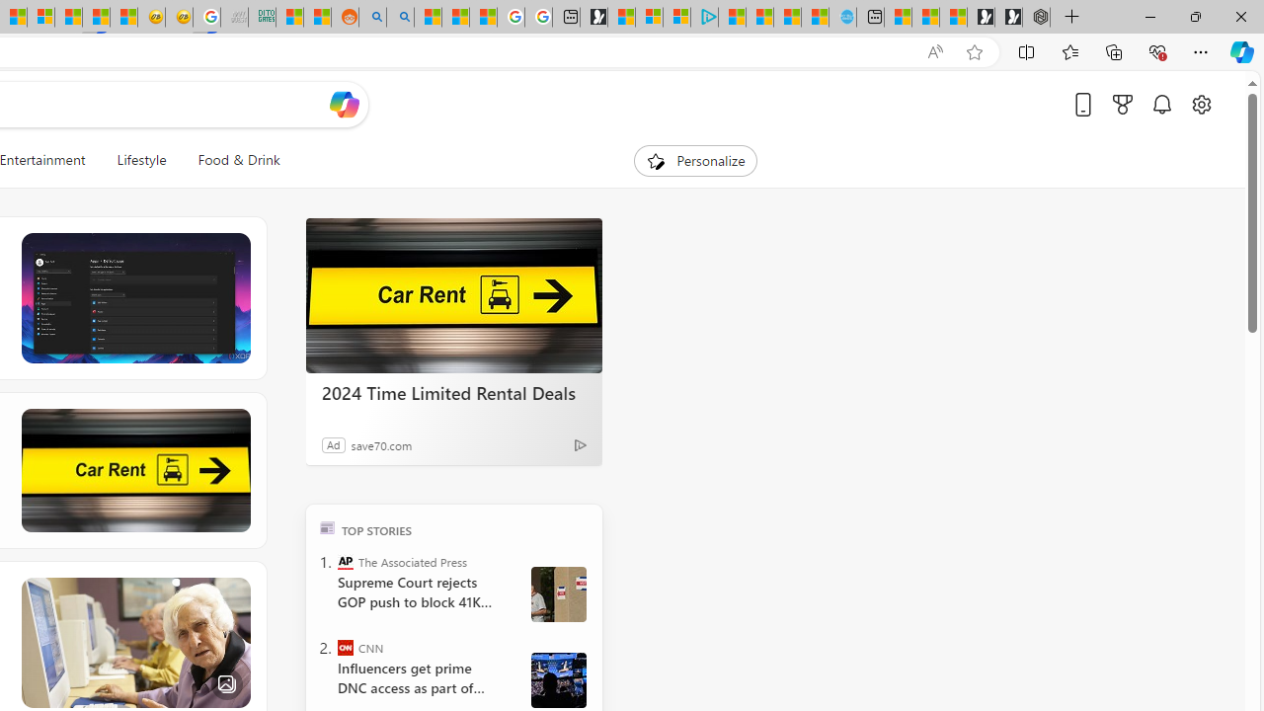 This screenshot has width=1264, height=711. Describe the element at coordinates (328, 526) in the screenshot. I see `'TOP'` at that location.